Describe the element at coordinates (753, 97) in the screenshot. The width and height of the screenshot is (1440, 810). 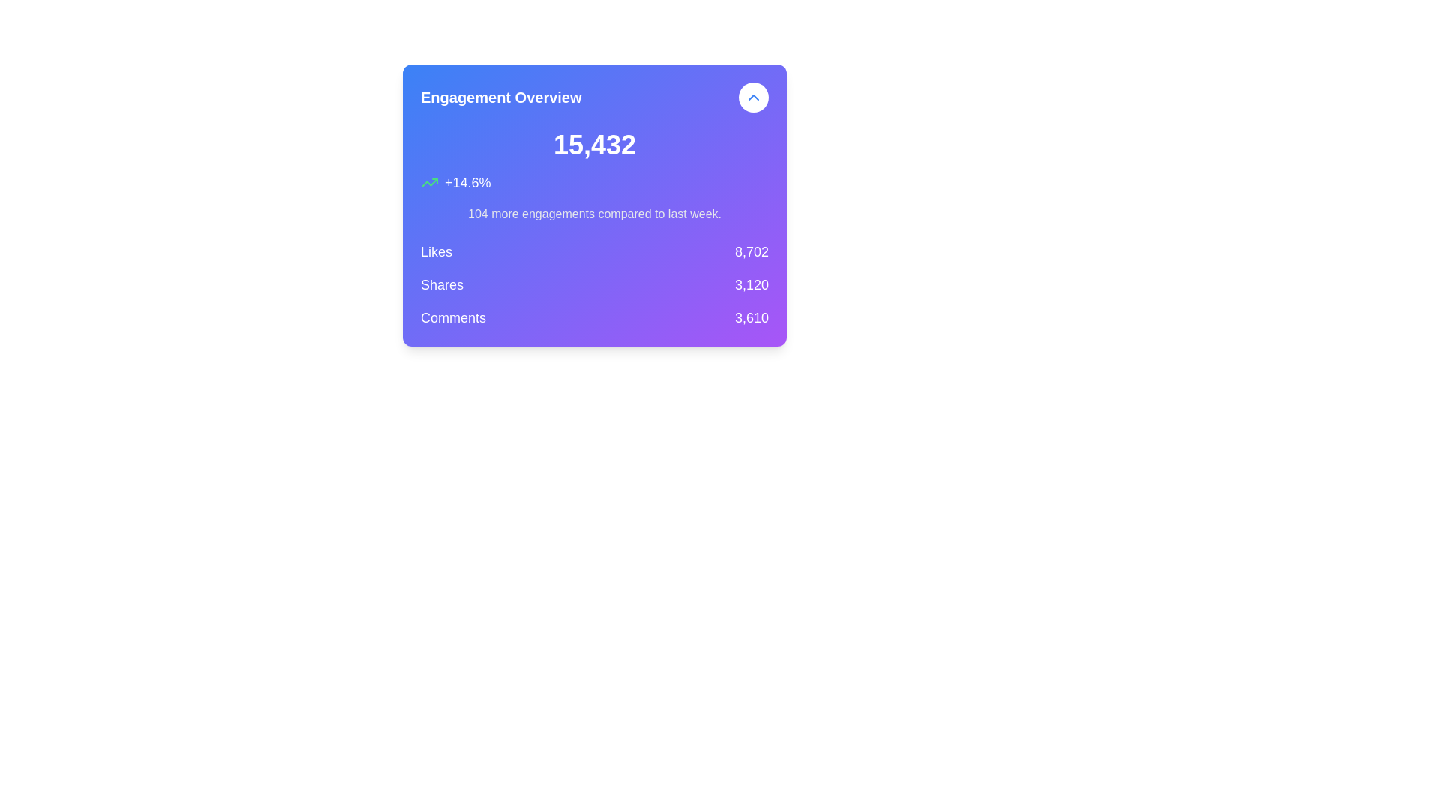
I see `the chevron upward SVG icon located within the circular button at the top-right corner of the Engagement Overview card to potentially reveal more information` at that location.